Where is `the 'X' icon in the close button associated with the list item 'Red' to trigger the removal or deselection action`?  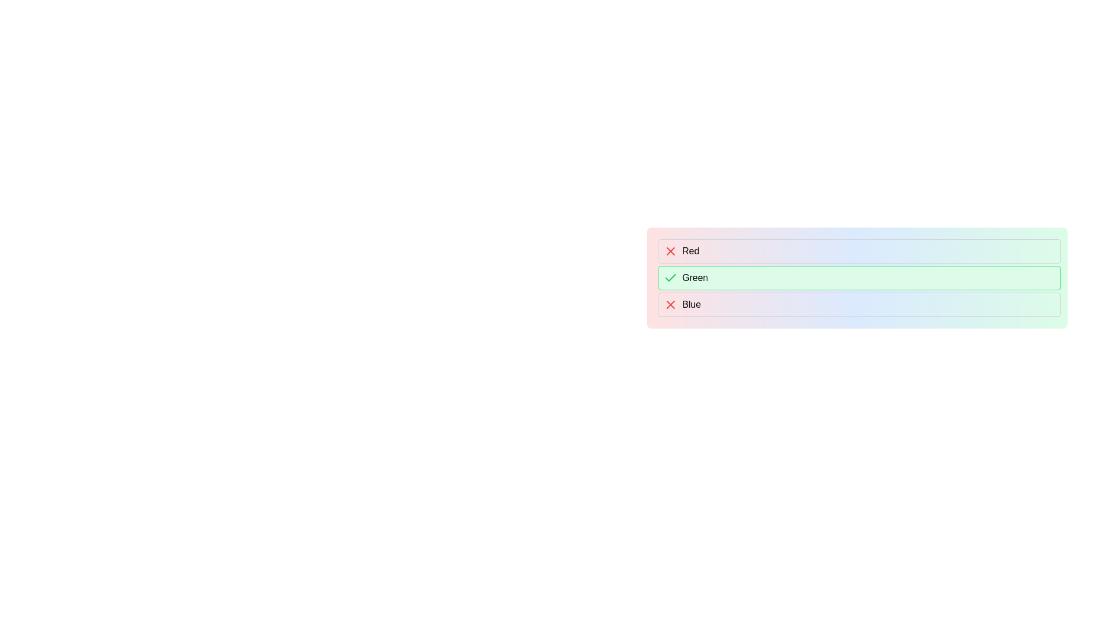 the 'X' icon in the close button associated with the list item 'Red' to trigger the removal or deselection action is located at coordinates (671, 304).